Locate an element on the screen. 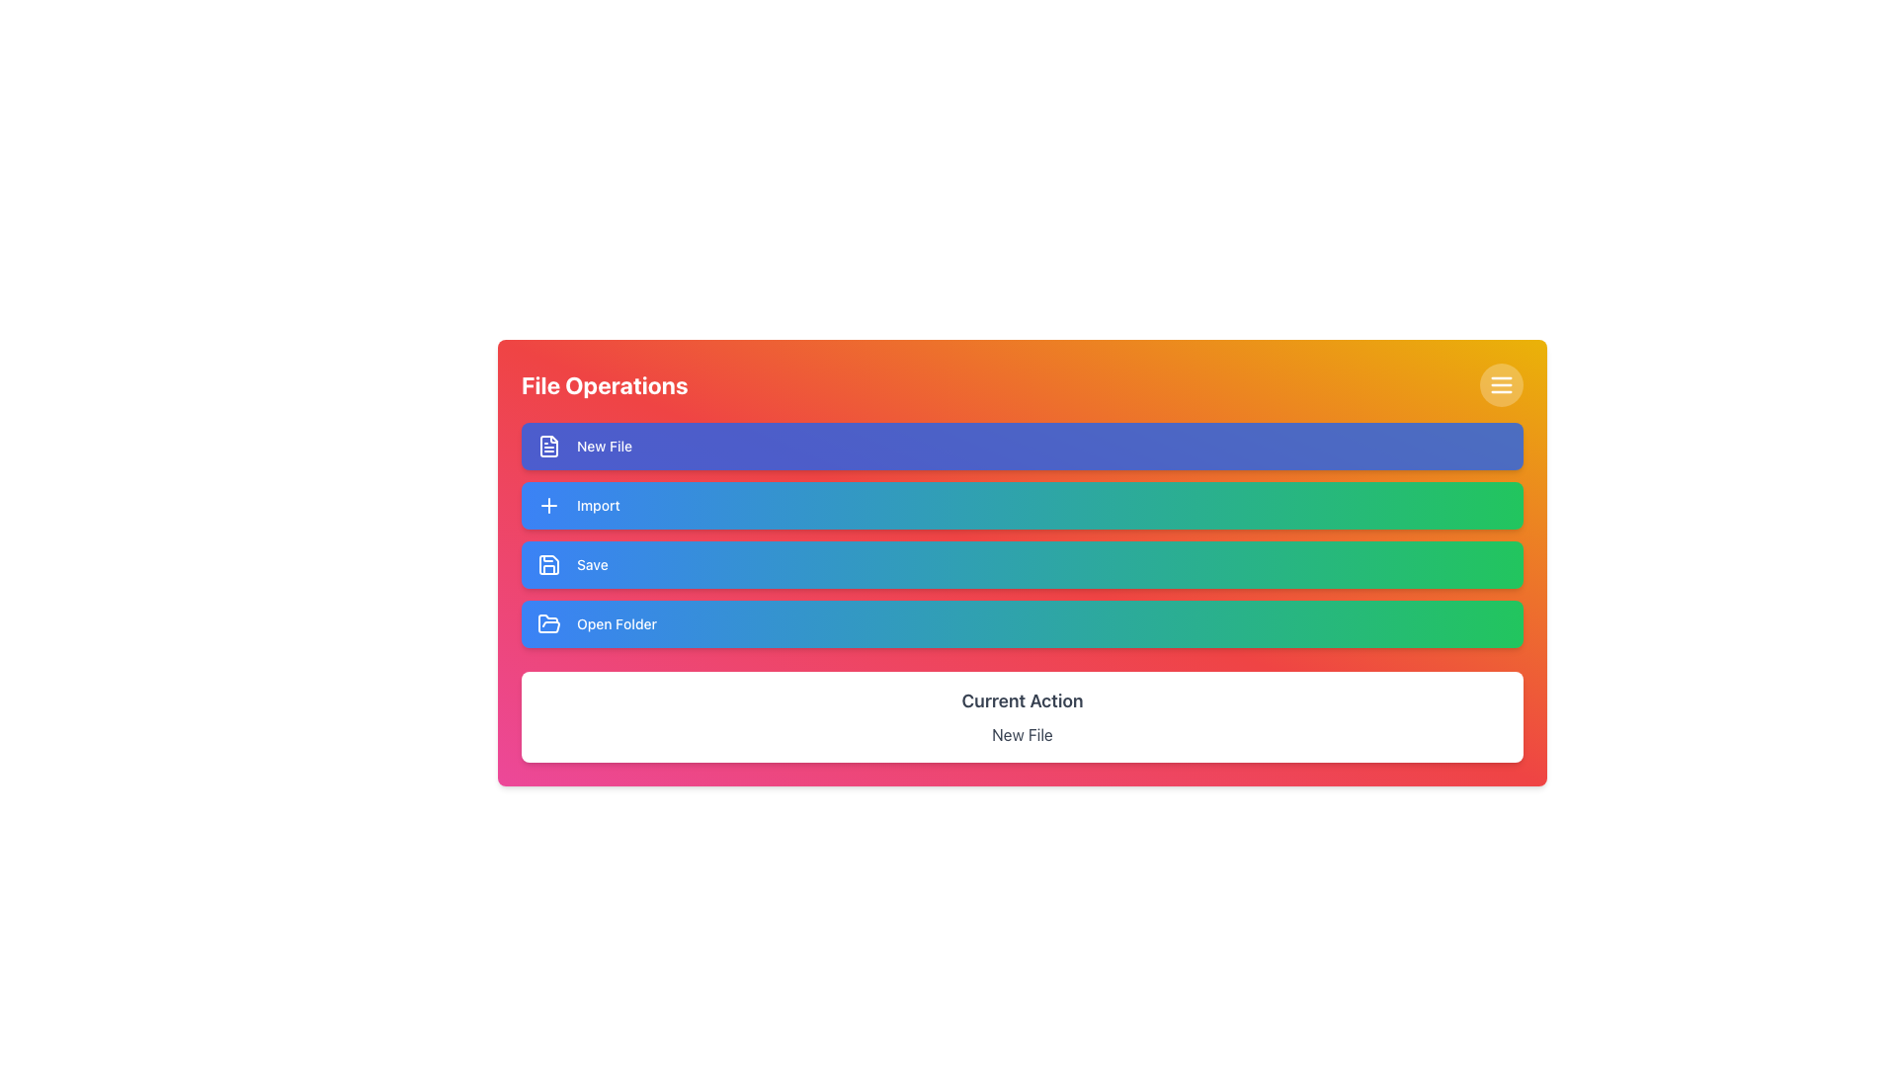 The height and width of the screenshot is (1067, 1897). the leftmost icon of the 'Save' button, which is the third button under the 'File Operations' title is located at coordinates (549, 564).